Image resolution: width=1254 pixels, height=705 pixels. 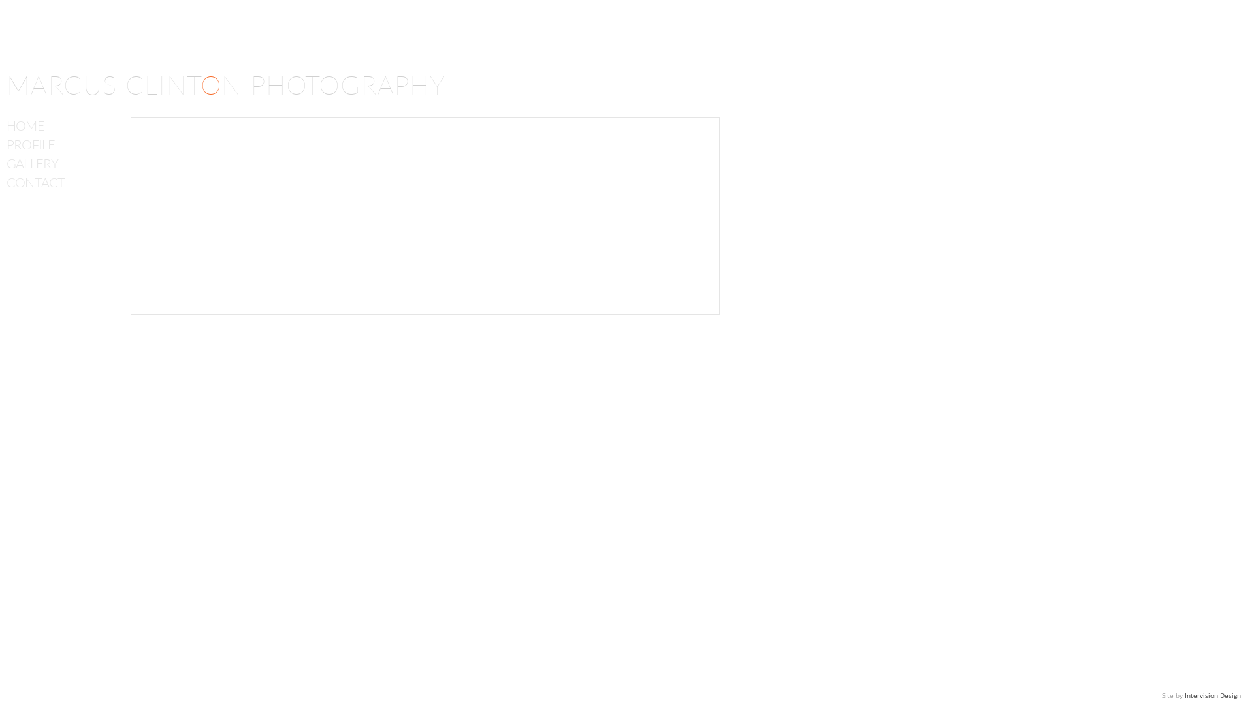 I want to click on 'GALLERY', so click(x=65, y=163).